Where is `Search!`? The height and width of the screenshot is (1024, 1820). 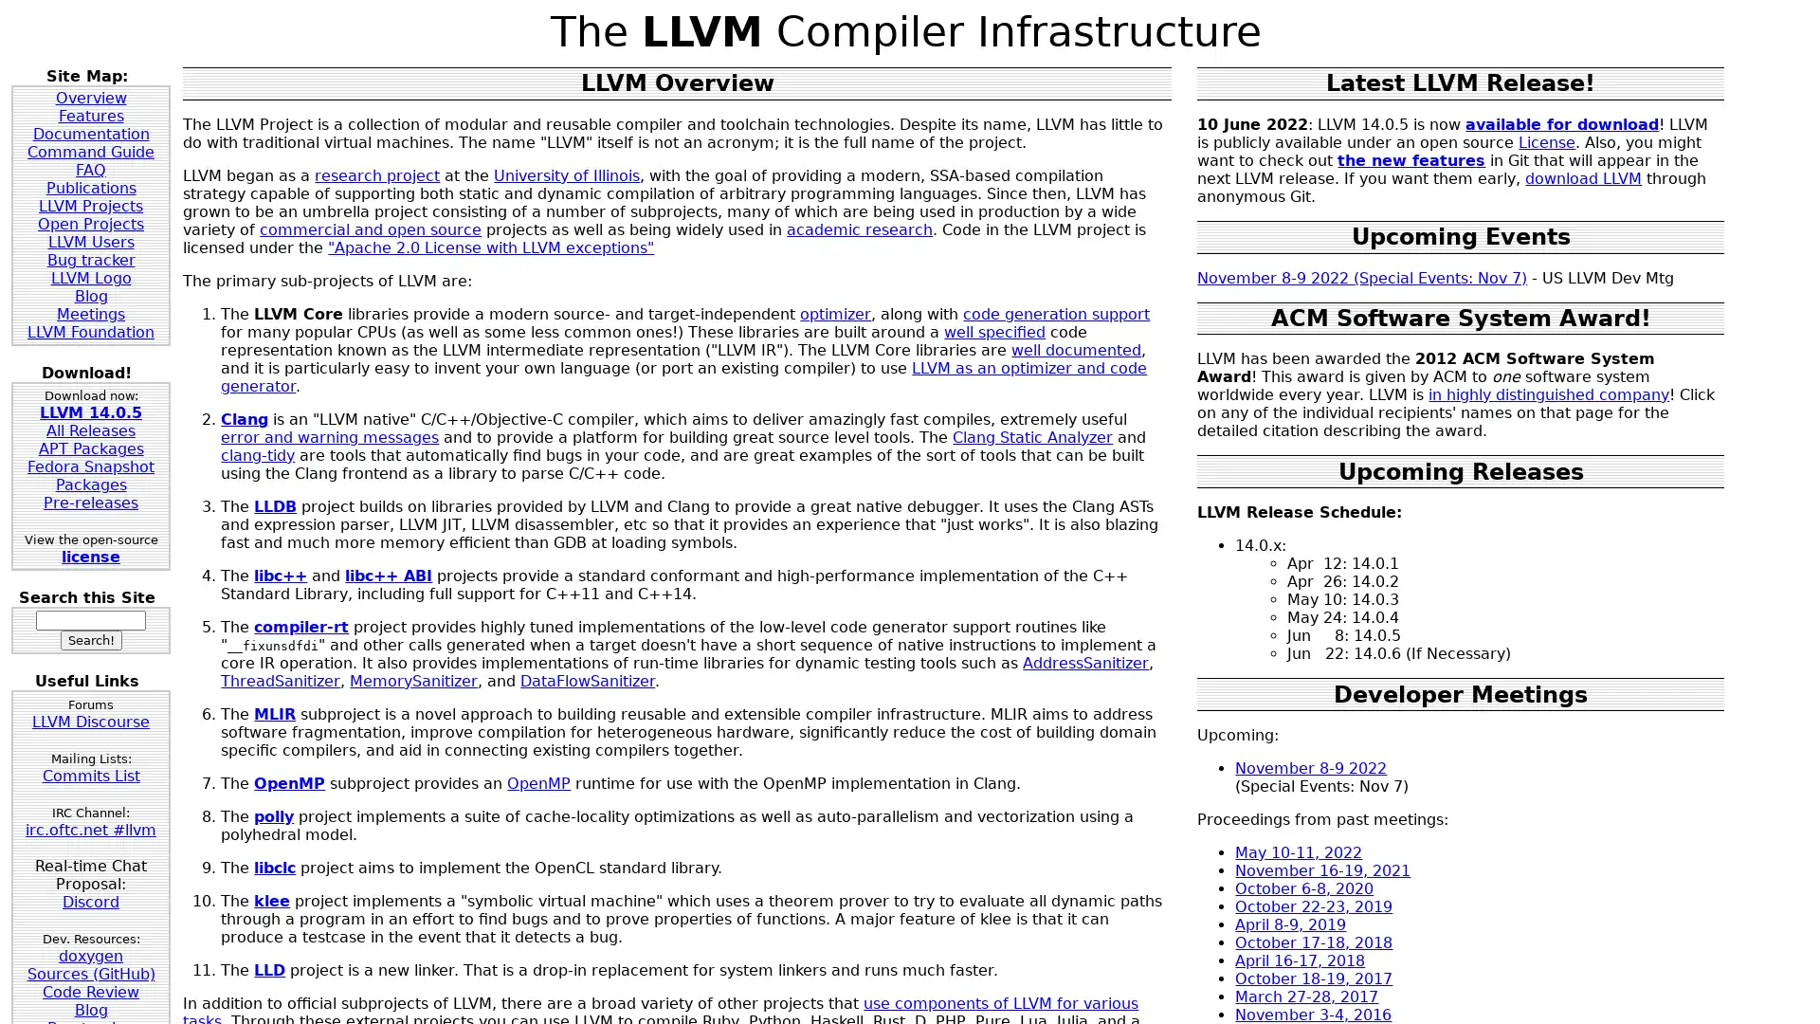 Search! is located at coordinates (89, 639).